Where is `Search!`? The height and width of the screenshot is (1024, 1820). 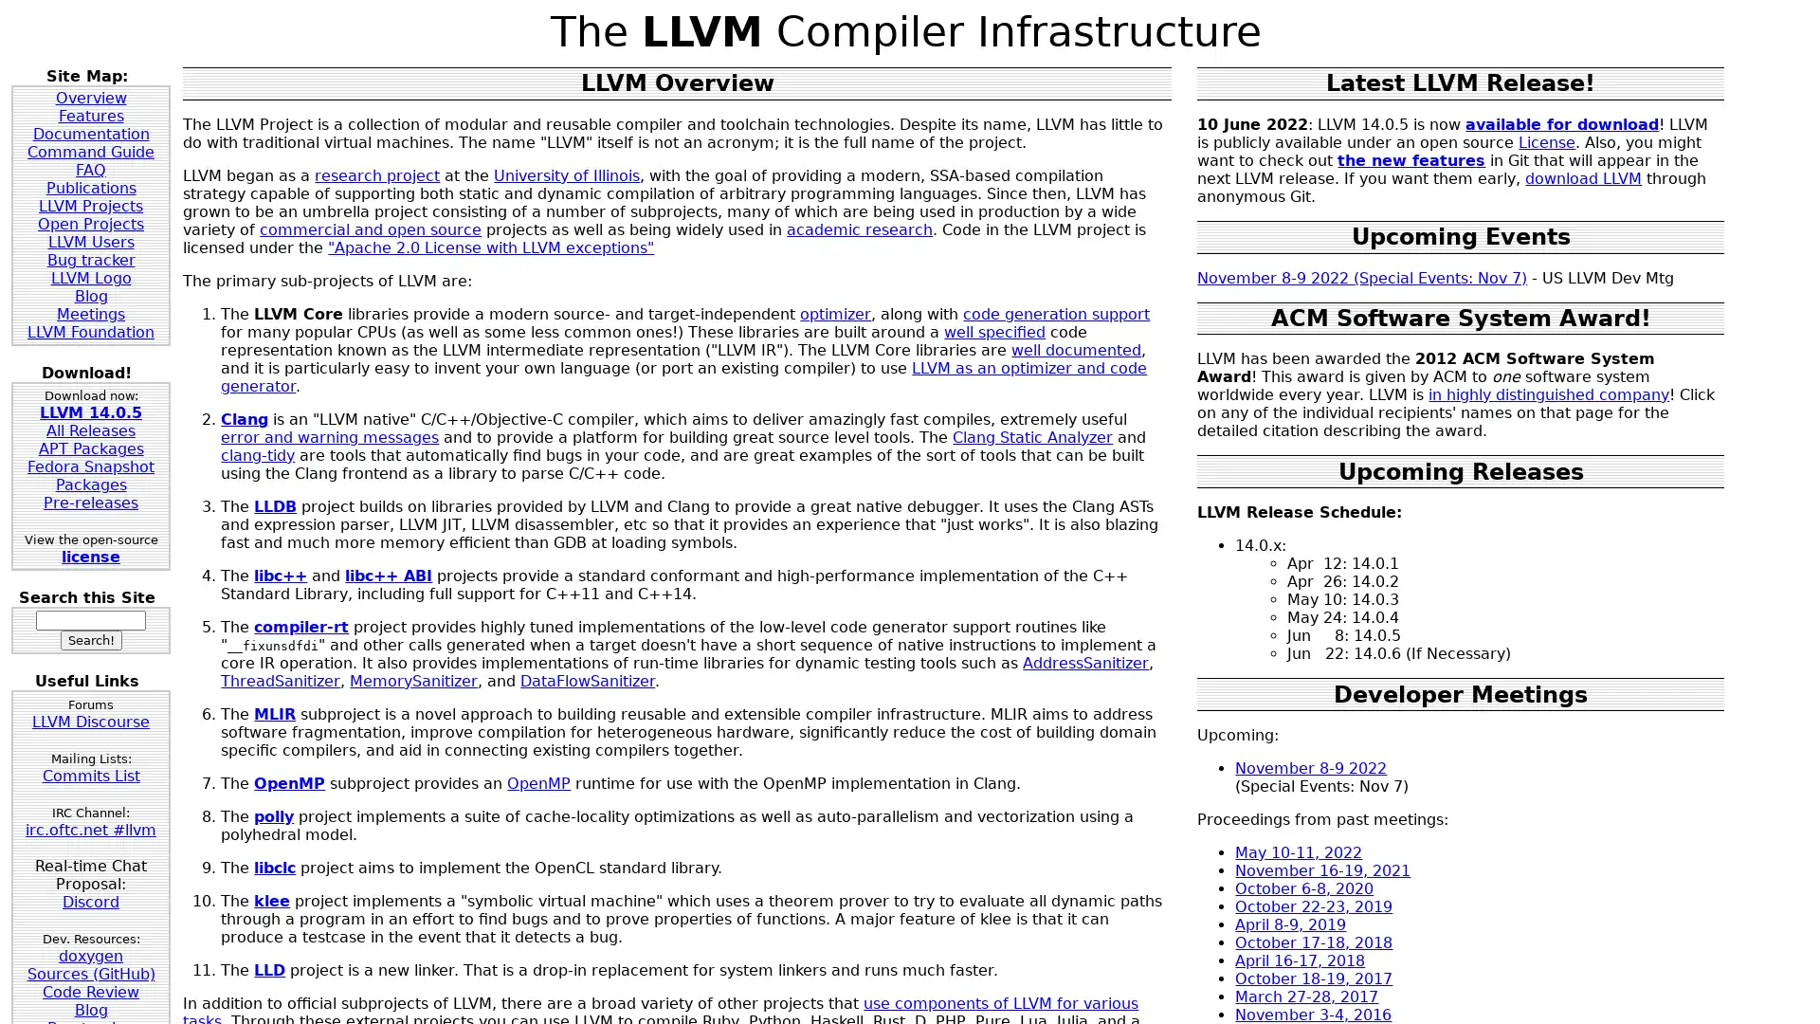 Search! is located at coordinates (89, 639).